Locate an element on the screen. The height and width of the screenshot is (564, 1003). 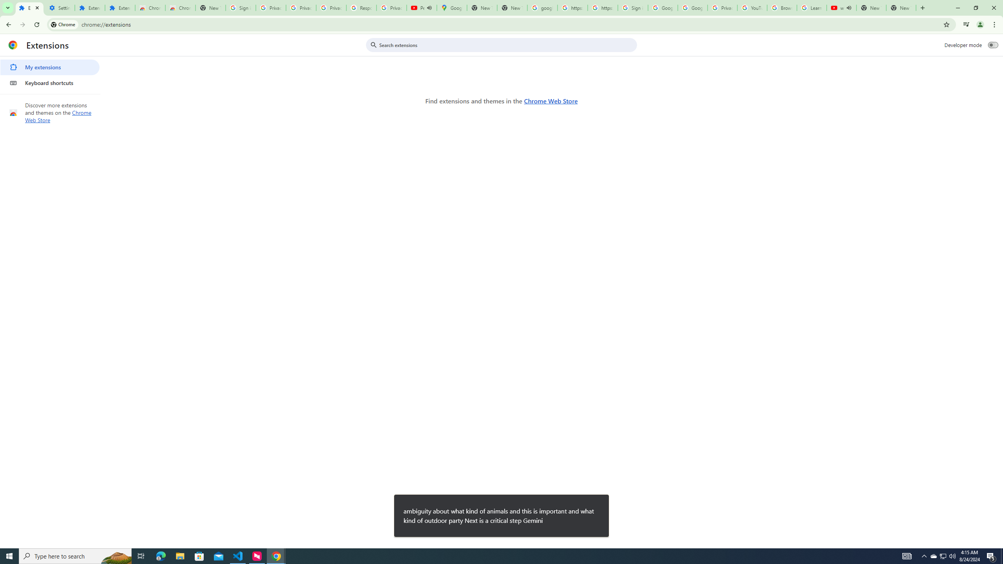
'Browse Chrome as a guest - Computer - Google Chrome Help' is located at coordinates (781, 7).